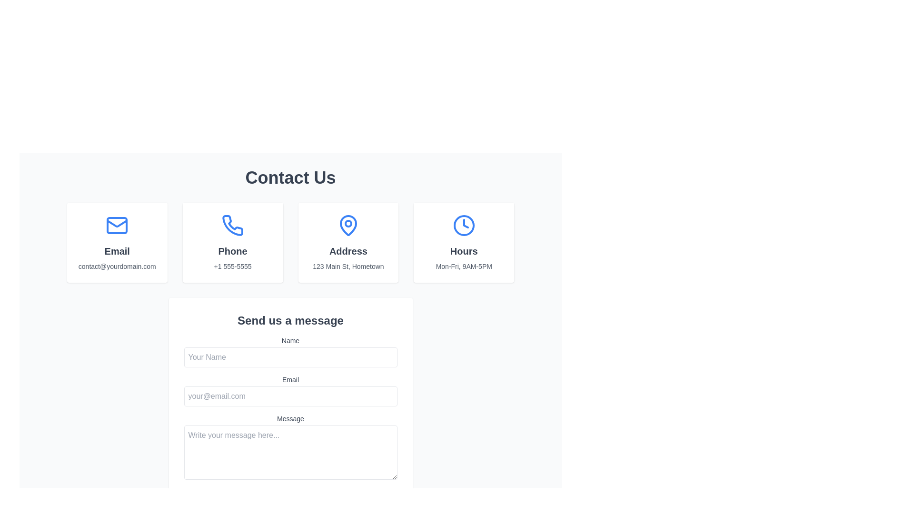  I want to click on the 'Address' icon located in the top-right section of the 'Contact Us' area, which is the third card among four, so click(348, 226).